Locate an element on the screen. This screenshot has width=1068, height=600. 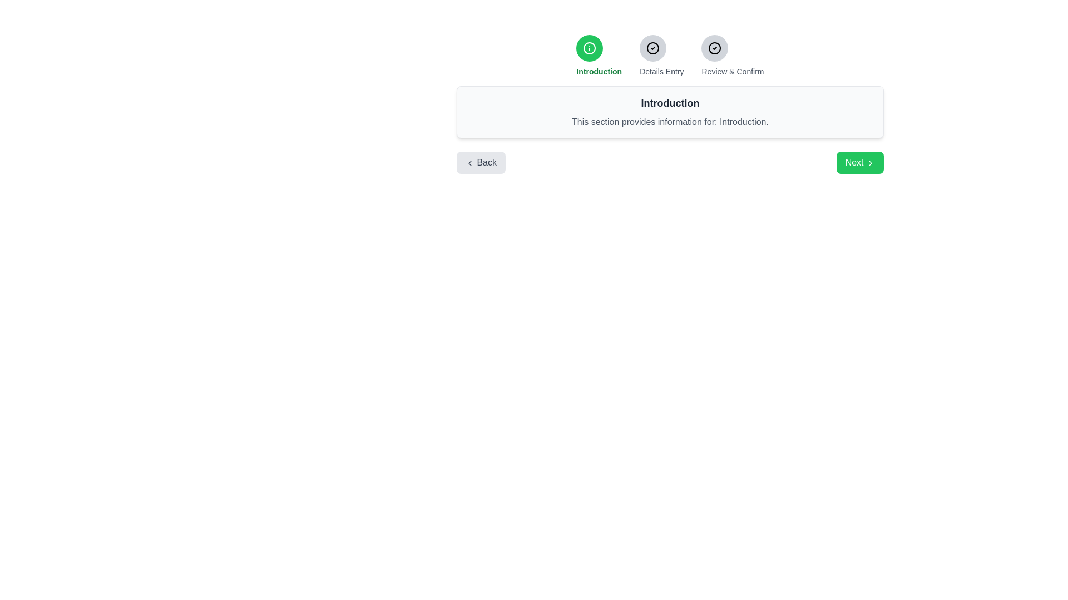
the step indicator for Introduction is located at coordinates (589, 48).